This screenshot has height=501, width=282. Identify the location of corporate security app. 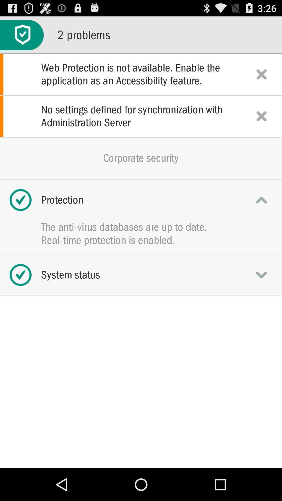
(141, 158).